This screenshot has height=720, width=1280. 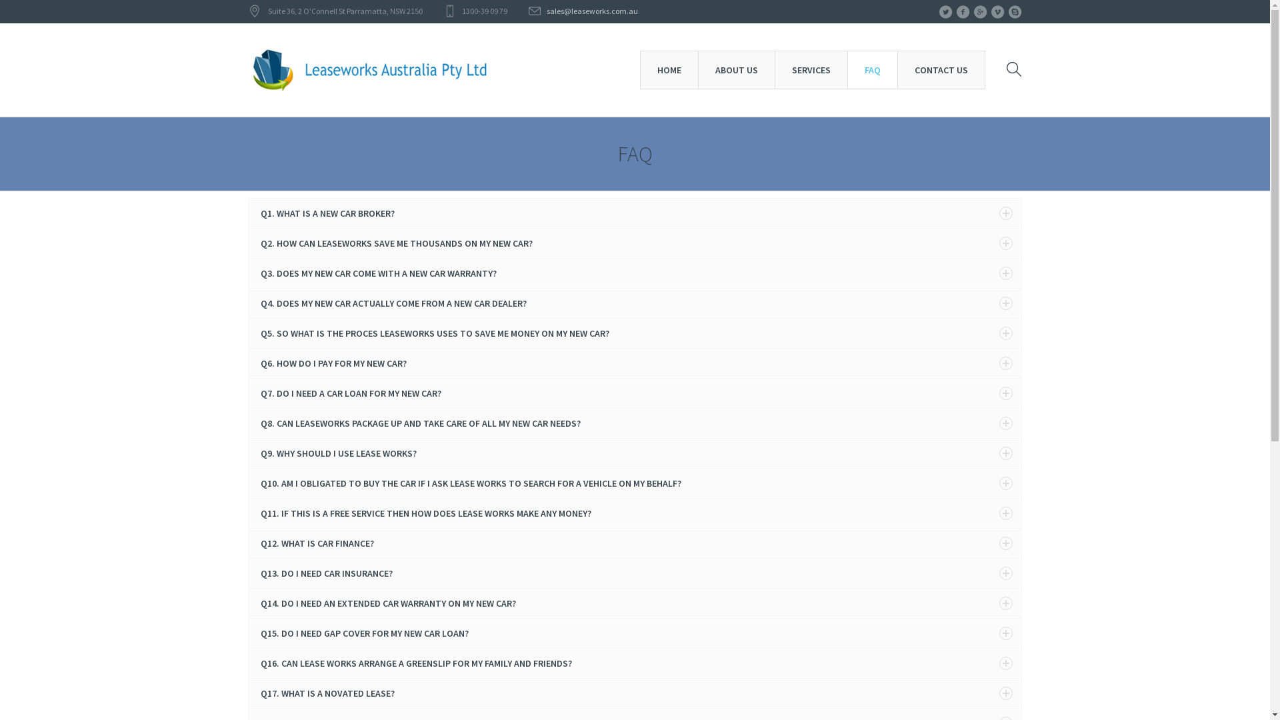 What do you see at coordinates (669, 69) in the screenshot?
I see `'HOME'` at bounding box center [669, 69].